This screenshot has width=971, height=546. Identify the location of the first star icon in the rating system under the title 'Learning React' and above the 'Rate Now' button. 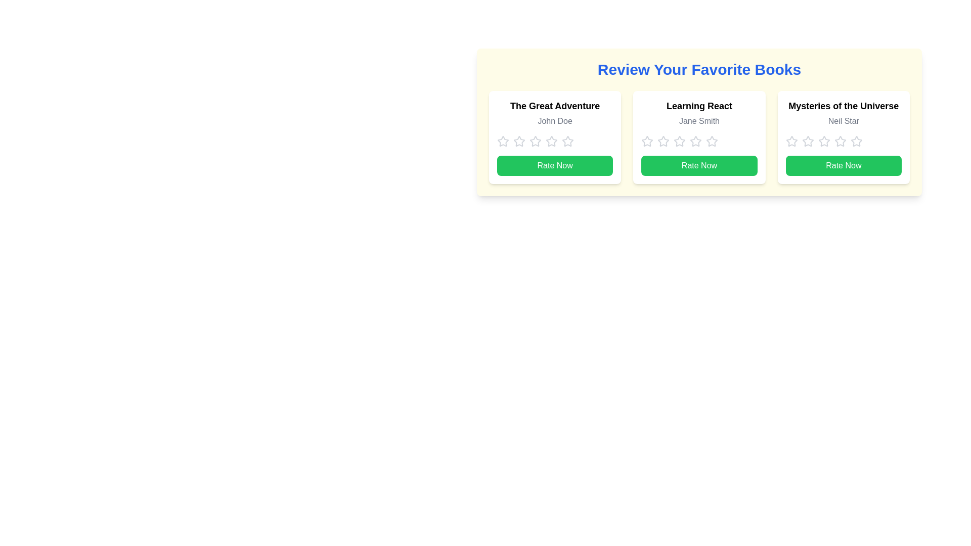
(647, 142).